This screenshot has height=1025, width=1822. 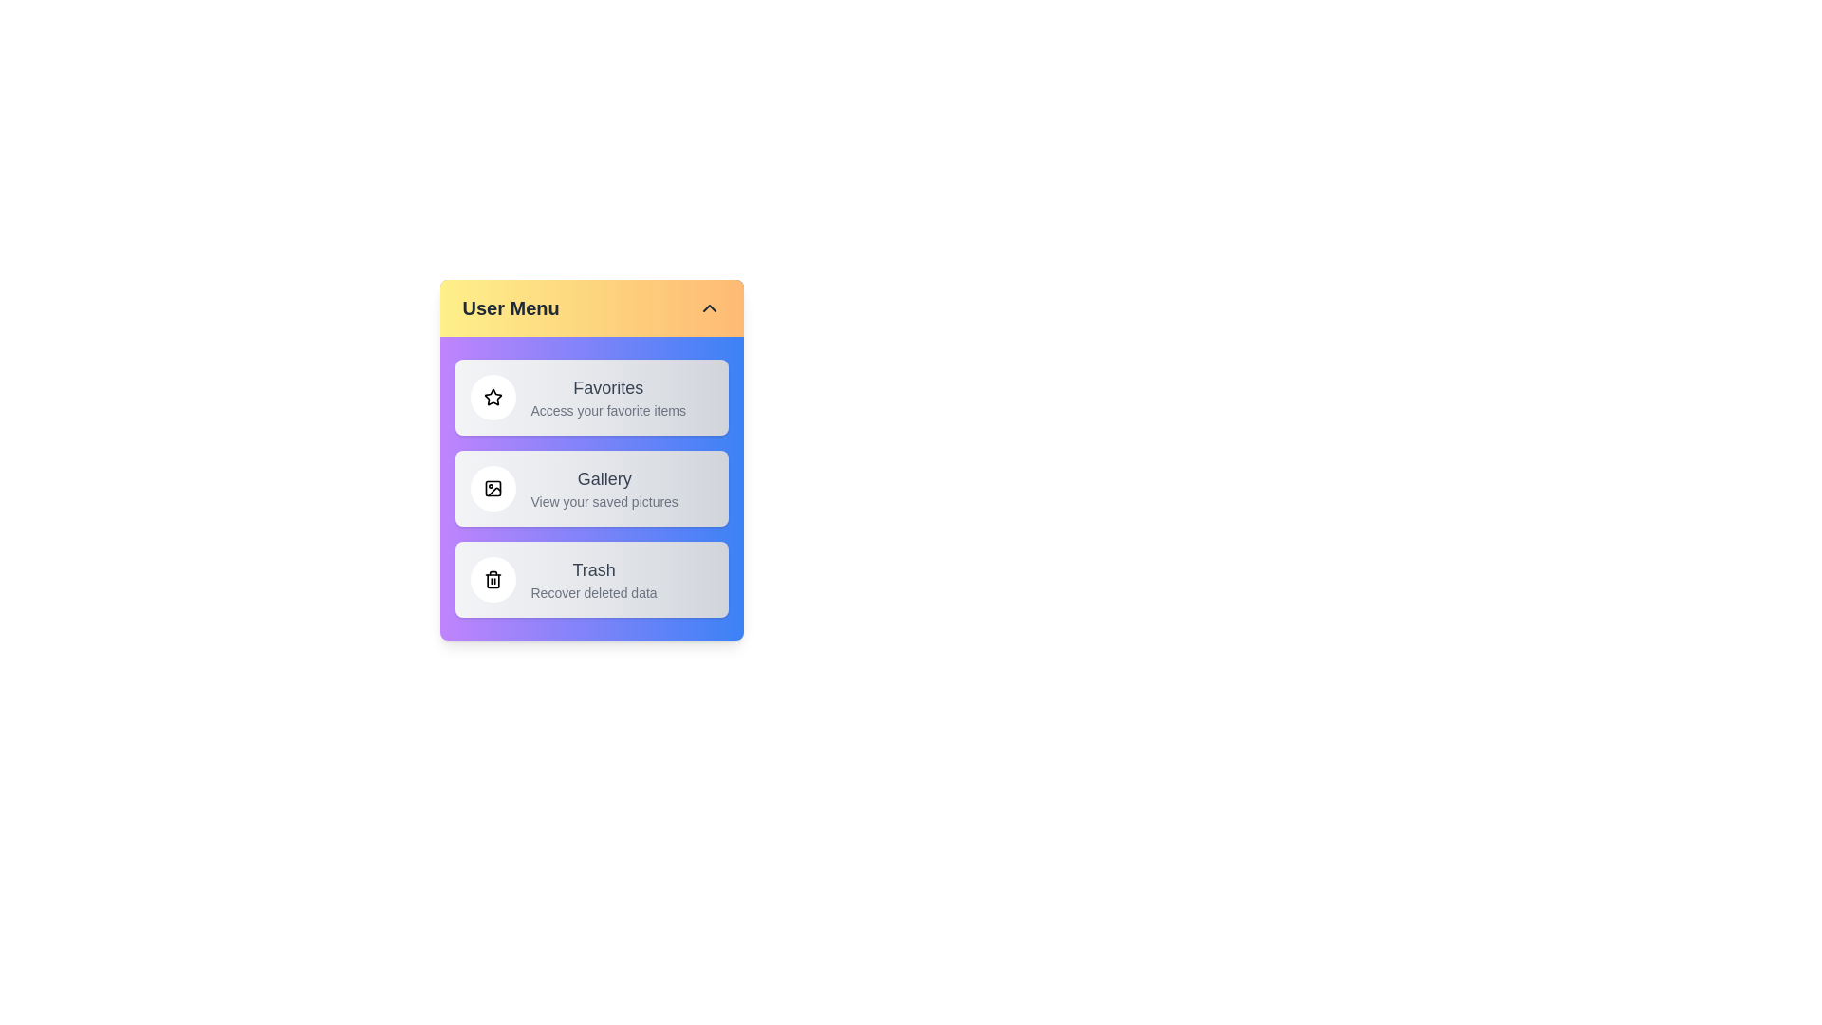 What do you see at coordinates (493, 488) in the screenshot?
I see `the icon of the menu item Gallery` at bounding box center [493, 488].